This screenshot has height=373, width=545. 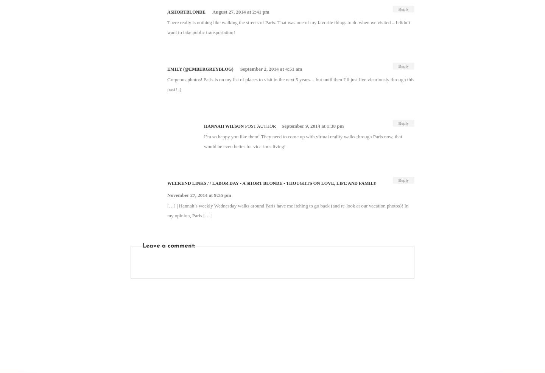 What do you see at coordinates (199, 195) in the screenshot?
I see `'November 27, 2014 at 9:35 pm'` at bounding box center [199, 195].